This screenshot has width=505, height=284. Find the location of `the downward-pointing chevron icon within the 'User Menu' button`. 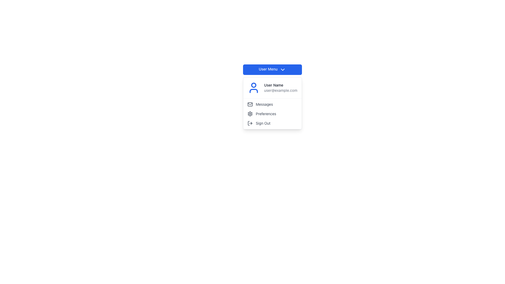

the downward-pointing chevron icon within the 'User Menu' button is located at coordinates (282, 69).